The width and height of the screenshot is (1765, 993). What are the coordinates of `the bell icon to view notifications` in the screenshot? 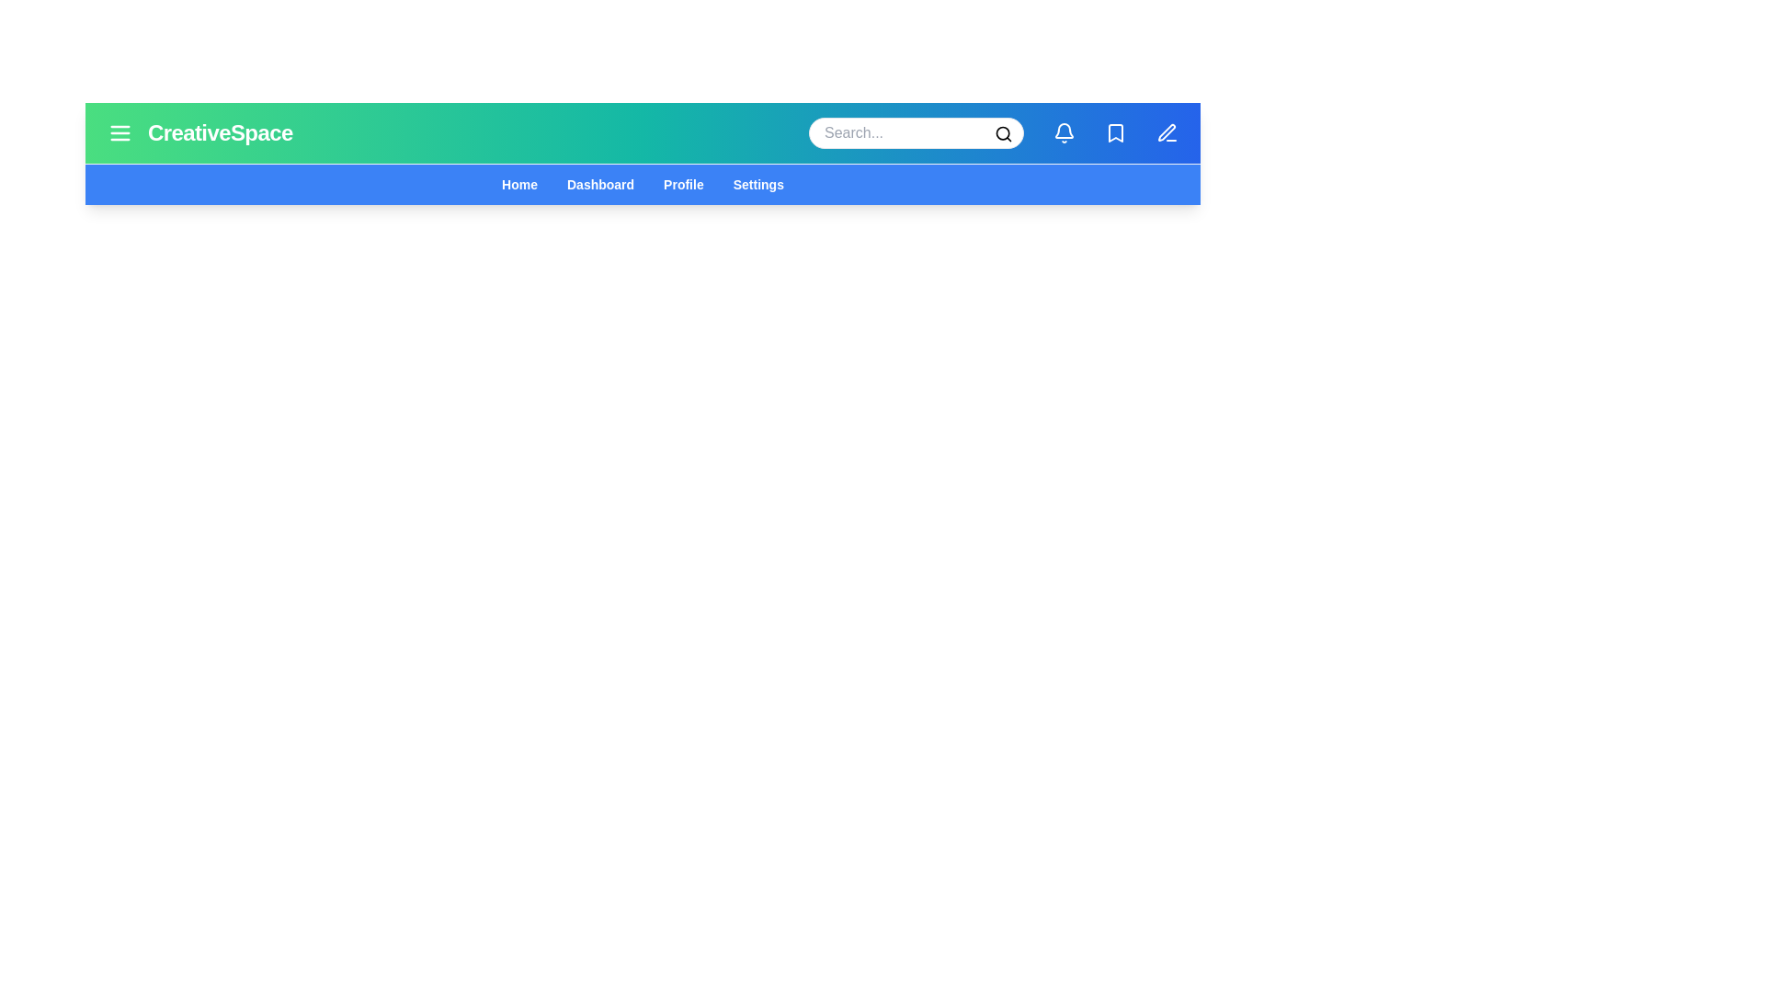 It's located at (1064, 132).